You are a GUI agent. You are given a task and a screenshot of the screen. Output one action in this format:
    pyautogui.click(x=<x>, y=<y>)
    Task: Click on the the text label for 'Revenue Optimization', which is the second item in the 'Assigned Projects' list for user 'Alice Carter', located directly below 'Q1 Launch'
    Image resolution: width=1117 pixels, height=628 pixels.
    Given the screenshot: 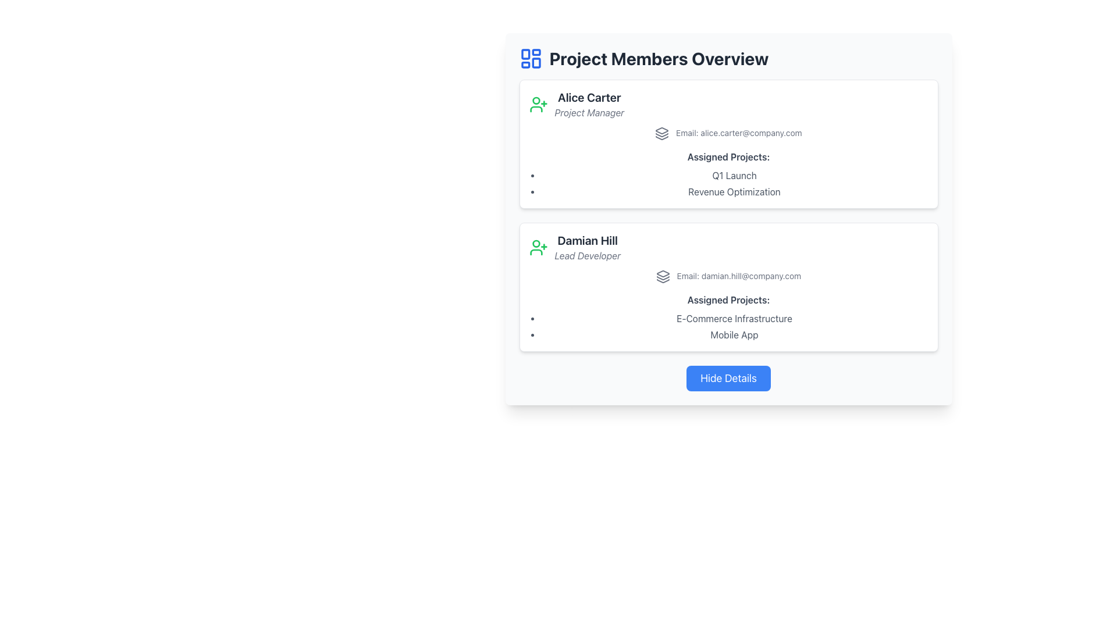 What is the action you would take?
    pyautogui.click(x=734, y=191)
    